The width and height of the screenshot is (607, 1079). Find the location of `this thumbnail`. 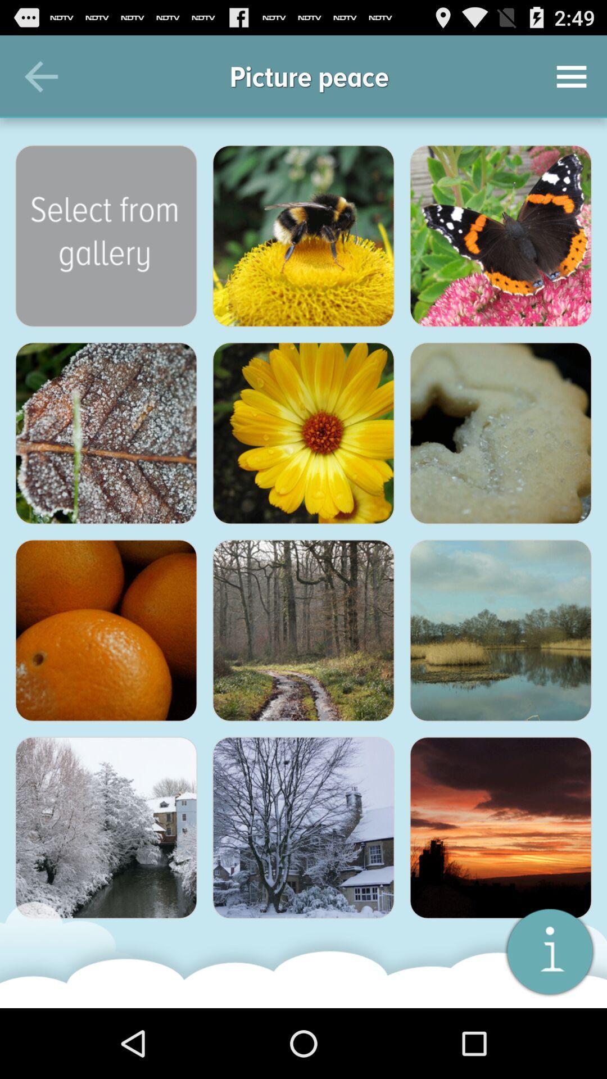

this thumbnail is located at coordinates (303, 235).